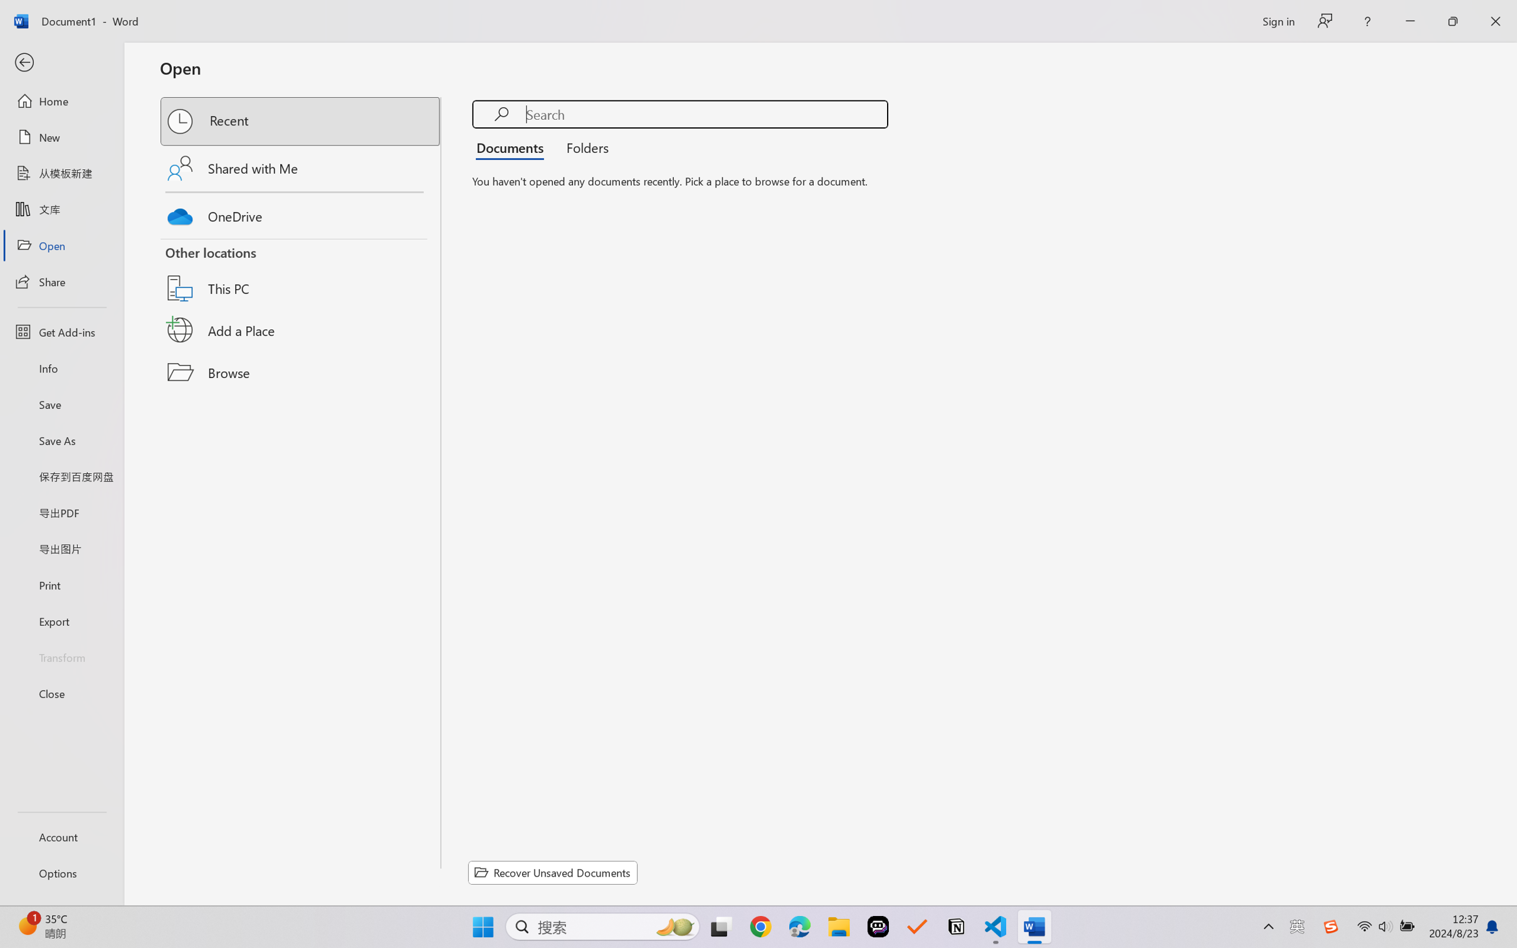 This screenshot has height=948, width=1517. What do you see at coordinates (301, 167) in the screenshot?
I see `'Shared with Me'` at bounding box center [301, 167].